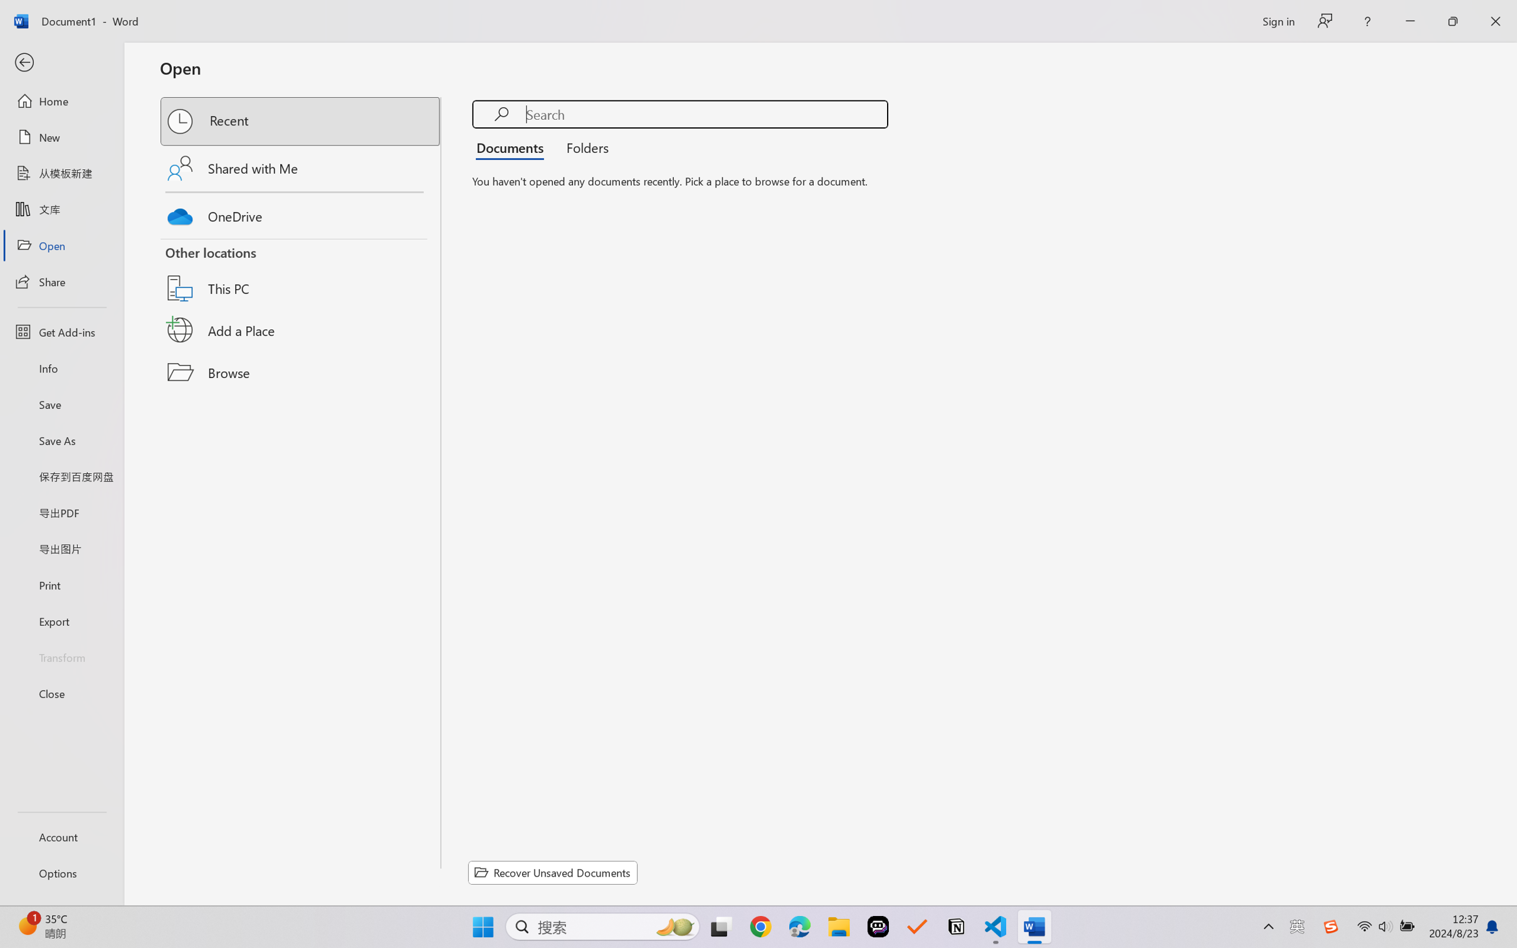 This screenshot has height=948, width=1517. What do you see at coordinates (301, 167) in the screenshot?
I see `'Shared with Me'` at bounding box center [301, 167].